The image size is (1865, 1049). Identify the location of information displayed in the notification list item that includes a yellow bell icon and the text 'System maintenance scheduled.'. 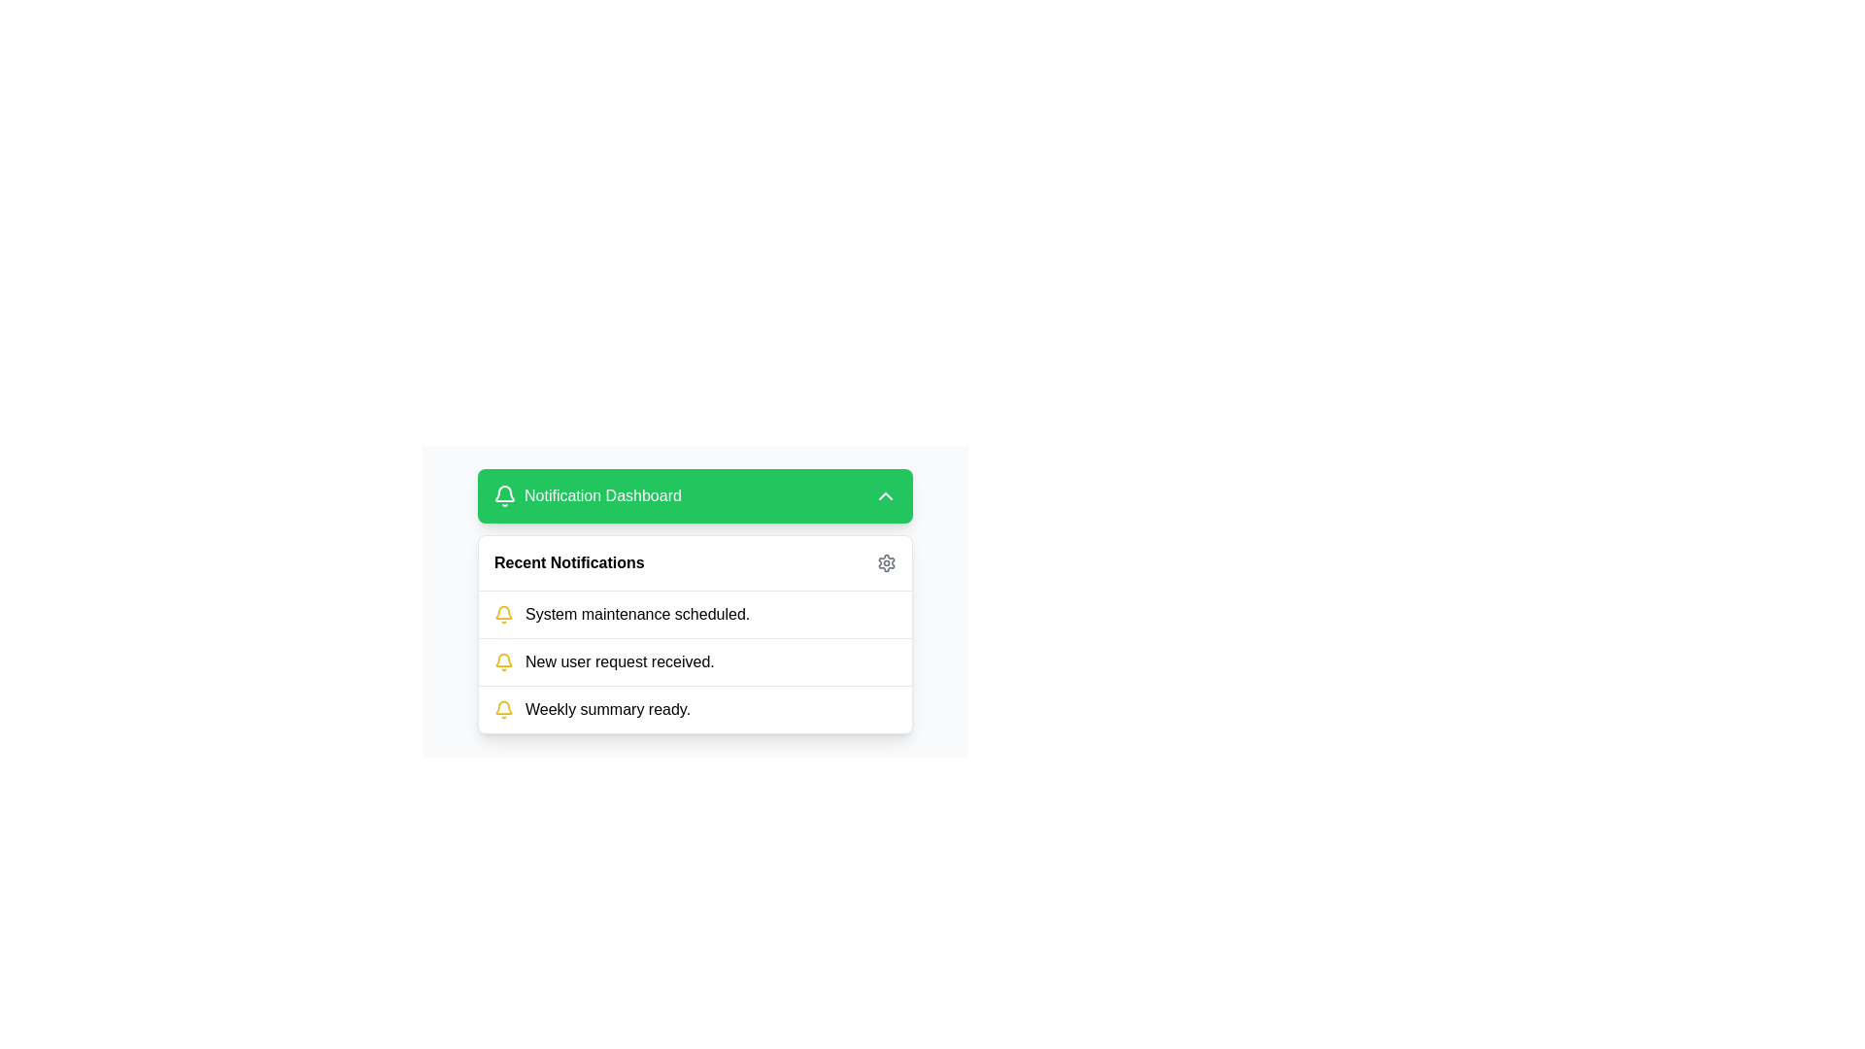
(695, 614).